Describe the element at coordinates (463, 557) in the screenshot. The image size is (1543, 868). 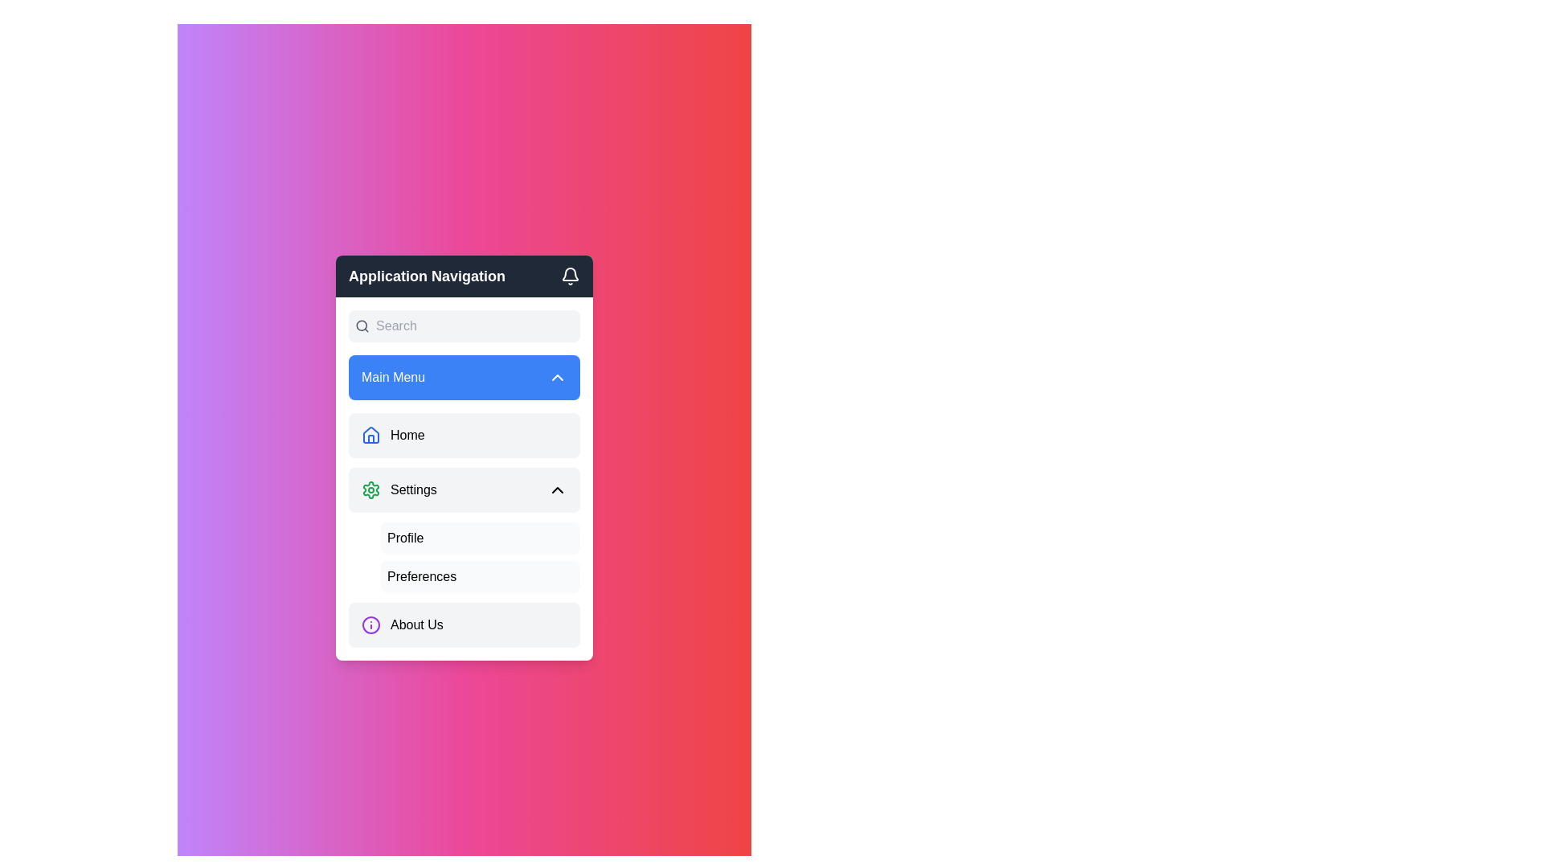
I see `the 'Profile' option within the vertical menu group located in the Settings menu` at that location.